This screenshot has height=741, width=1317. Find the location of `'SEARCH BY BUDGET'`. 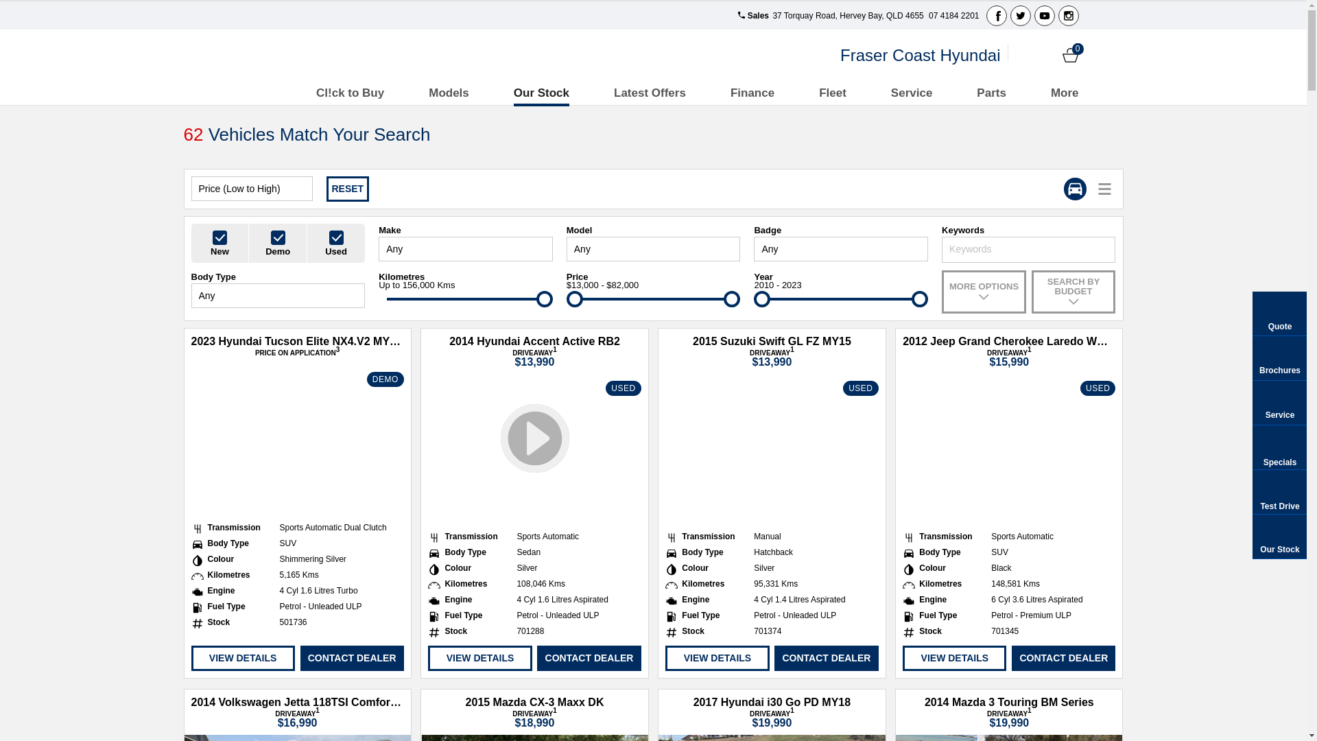

'SEARCH BY BUDGET' is located at coordinates (1073, 291).